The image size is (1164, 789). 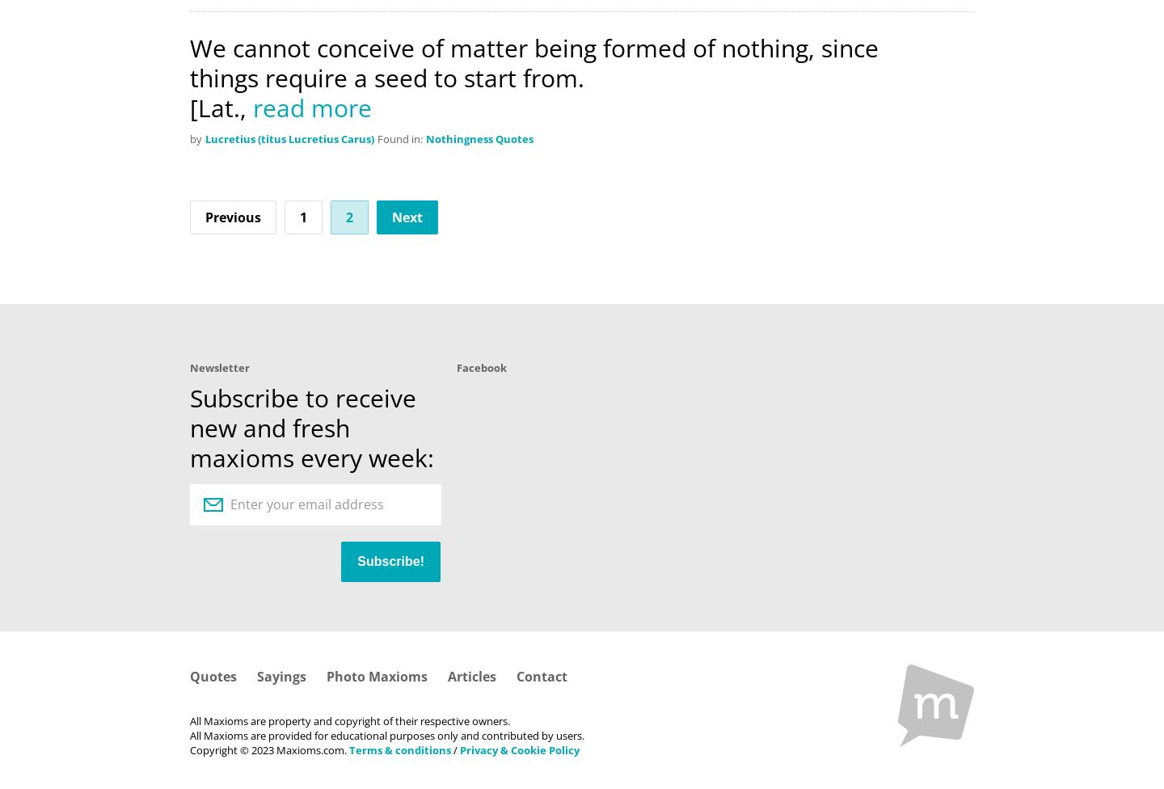 I want to click on 'Subscribe to receive new and fresh maxioms every week:', so click(x=311, y=428).